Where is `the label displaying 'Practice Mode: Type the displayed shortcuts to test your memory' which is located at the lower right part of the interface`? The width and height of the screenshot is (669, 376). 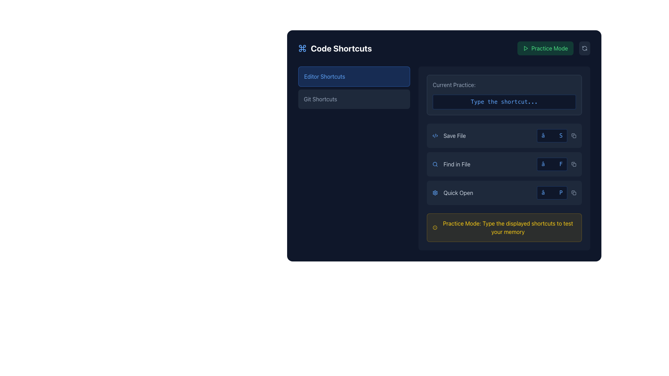 the label displaying 'Practice Mode: Type the displayed shortcuts to test your memory' which is located at the lower right part of the interface is located at coordinates (508, 228).